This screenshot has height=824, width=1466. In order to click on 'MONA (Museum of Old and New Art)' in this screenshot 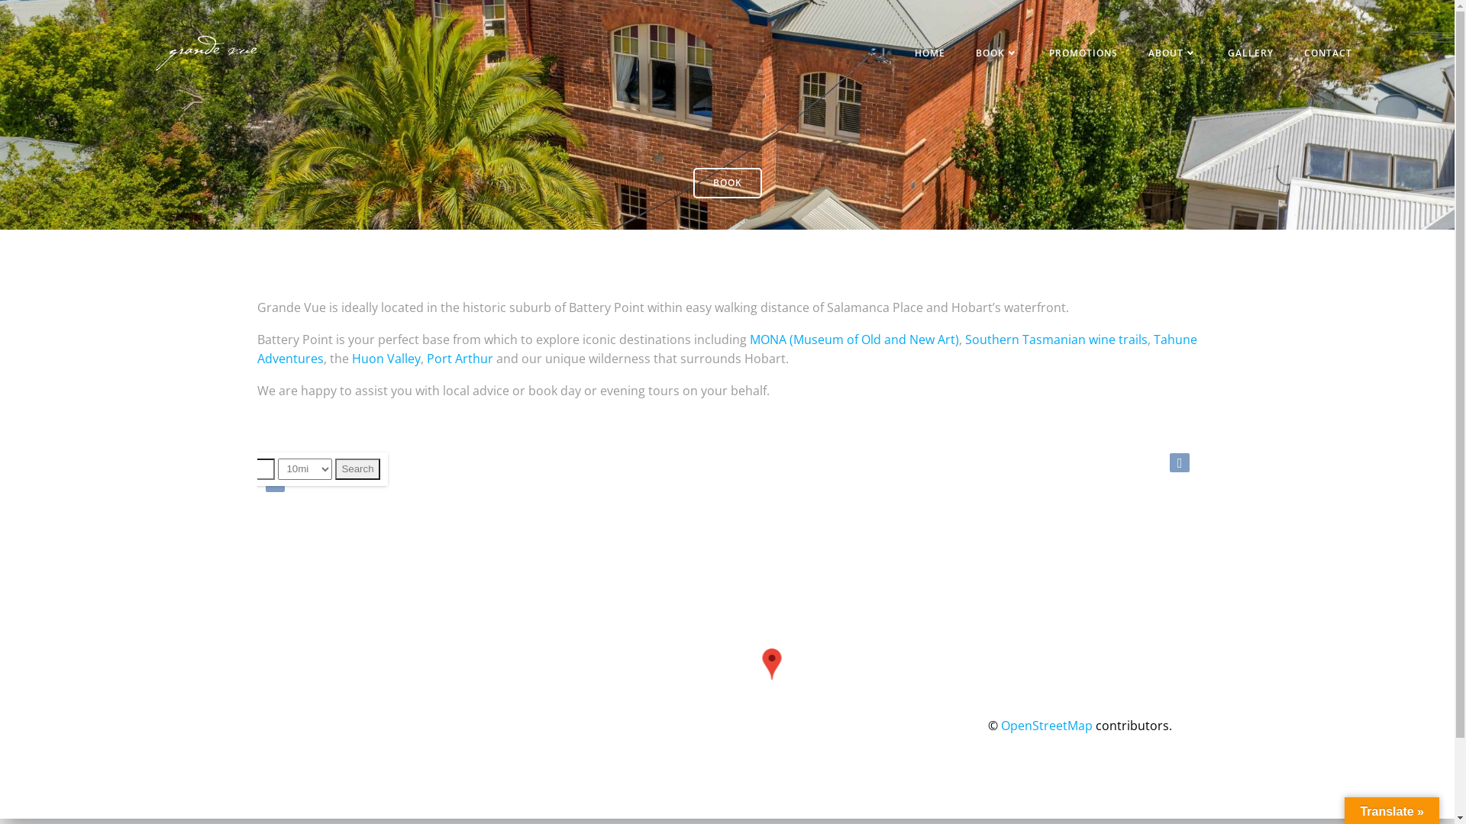, I will do `click(750, 338)`.